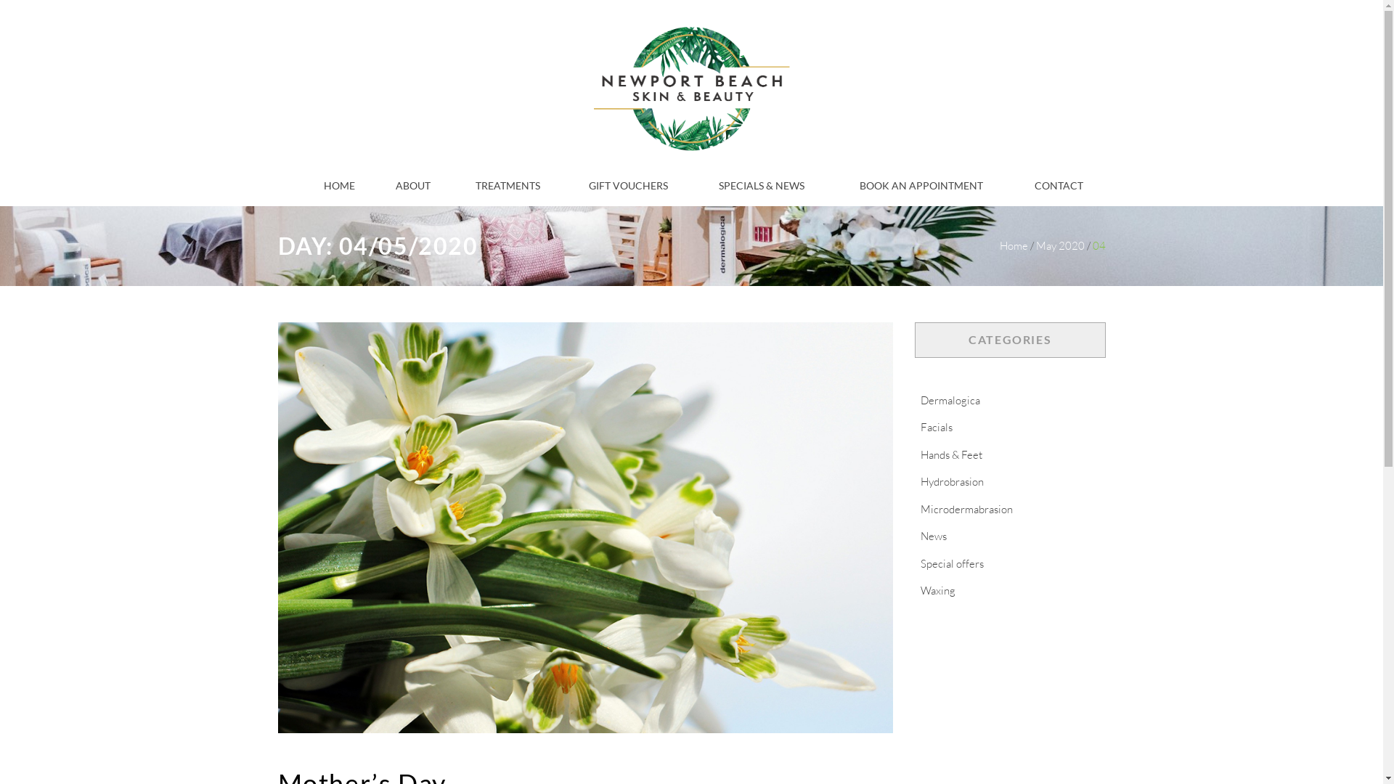  What do you see at coordinates (338, 185) in the screenshot?
I see `'HOME'` at bounding box center [338, 185].